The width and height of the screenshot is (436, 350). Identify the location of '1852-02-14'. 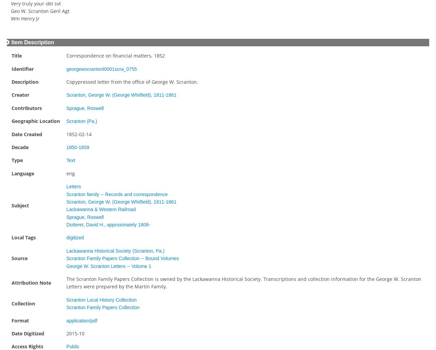
(79, 134).